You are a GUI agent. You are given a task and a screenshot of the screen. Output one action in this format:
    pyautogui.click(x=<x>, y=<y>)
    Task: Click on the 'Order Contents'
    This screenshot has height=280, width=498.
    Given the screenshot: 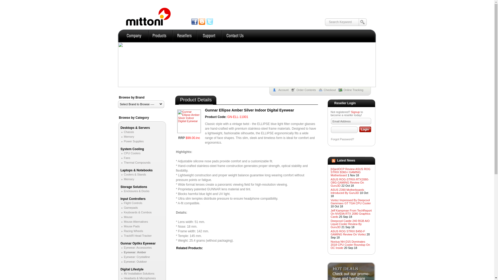 What is the action you would take?
    pyautogui.click(x=305, y=90)
    